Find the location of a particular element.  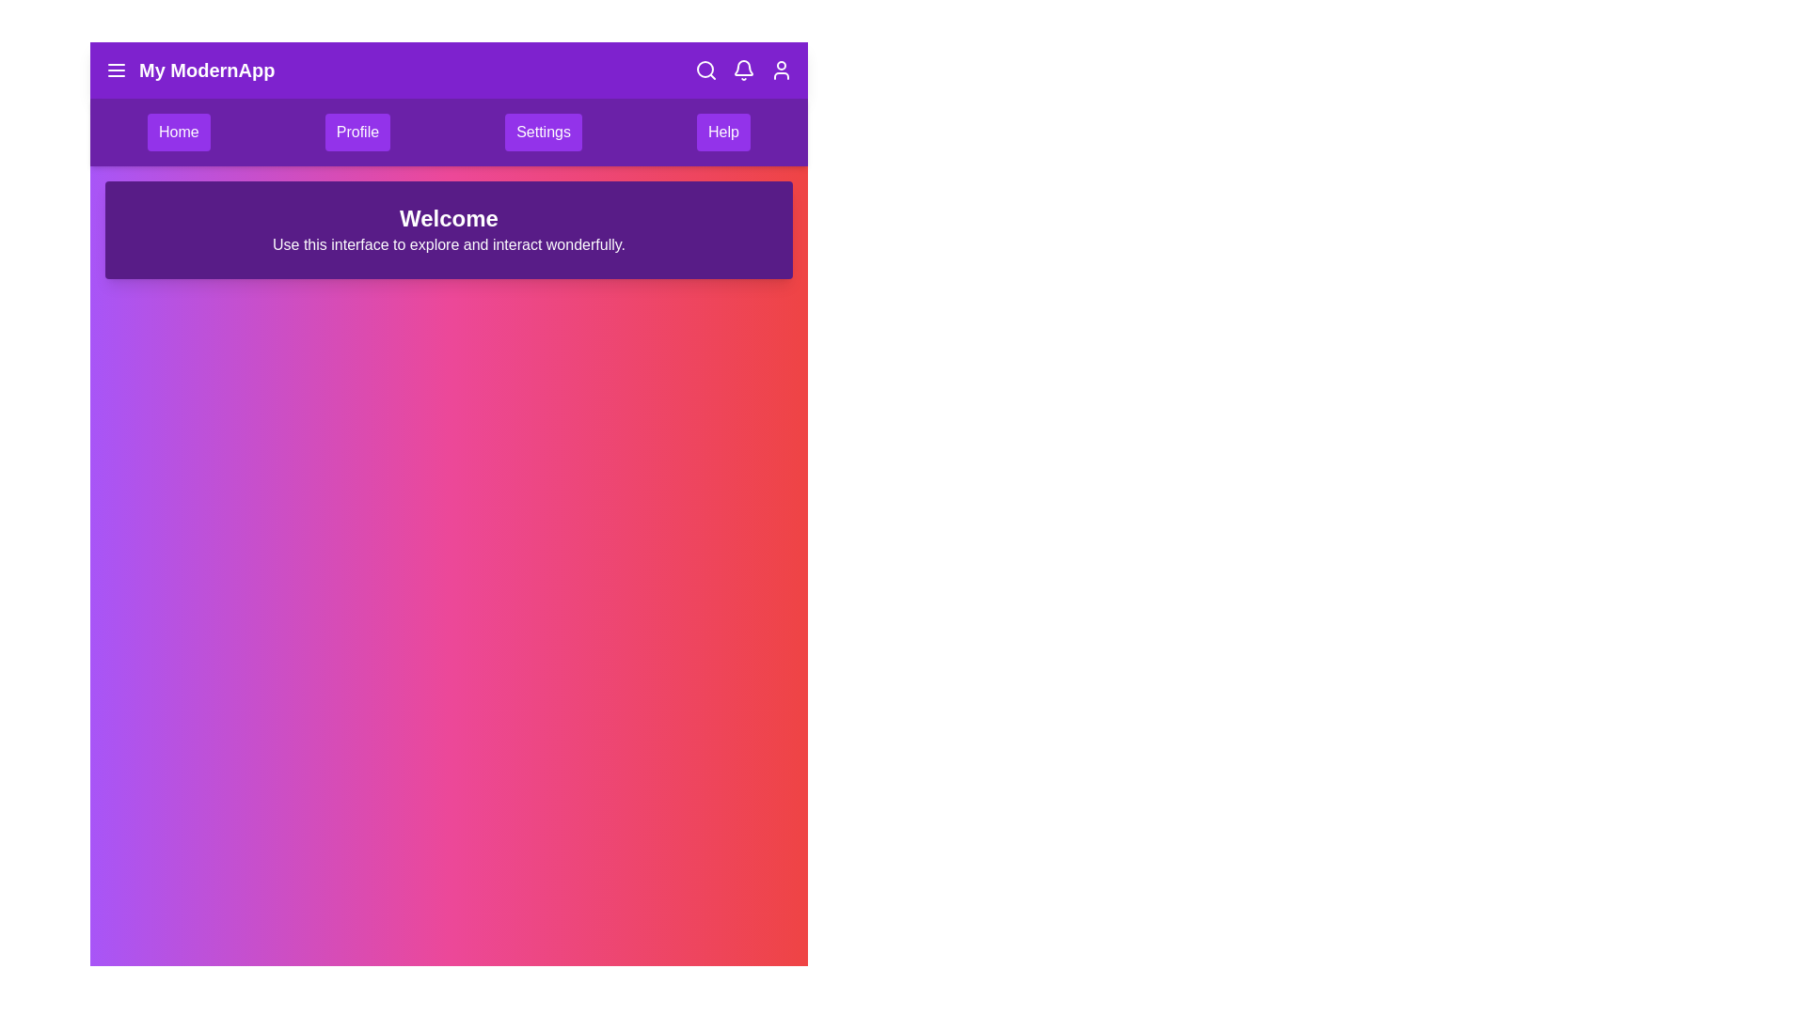

the menu item Profile to see its hover effect is located at coordinates (356, 132).